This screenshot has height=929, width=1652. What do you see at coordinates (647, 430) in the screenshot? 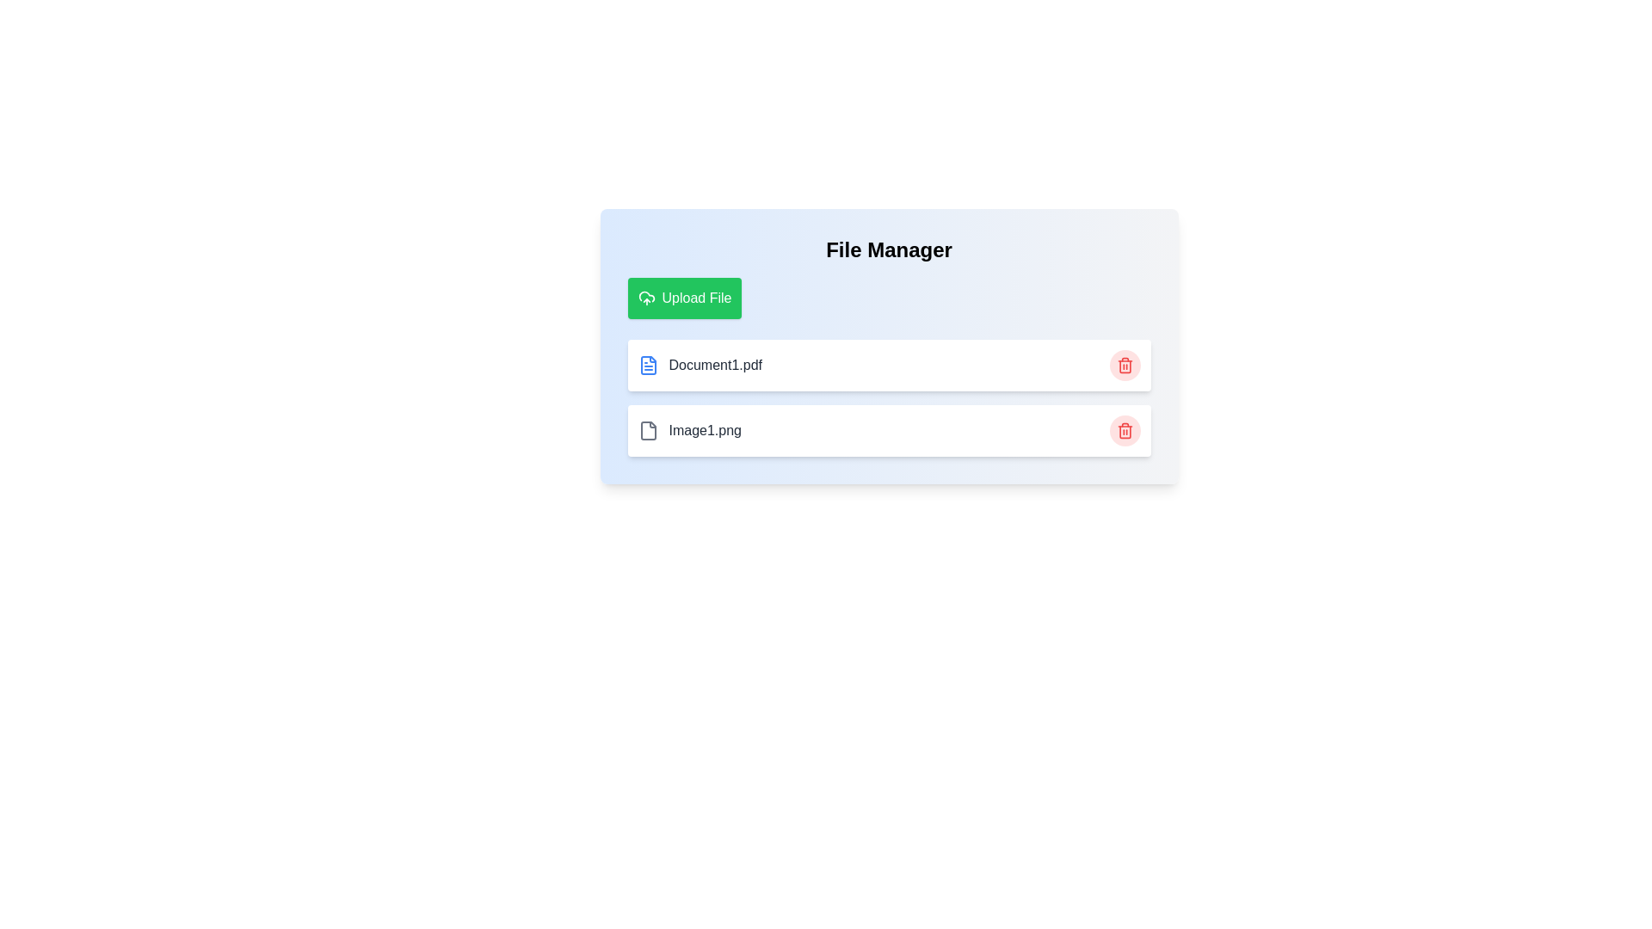
I see `file icon representing 'Image1.png' in the file manager interface for debugging purposes` at bounding box center [647, 430].